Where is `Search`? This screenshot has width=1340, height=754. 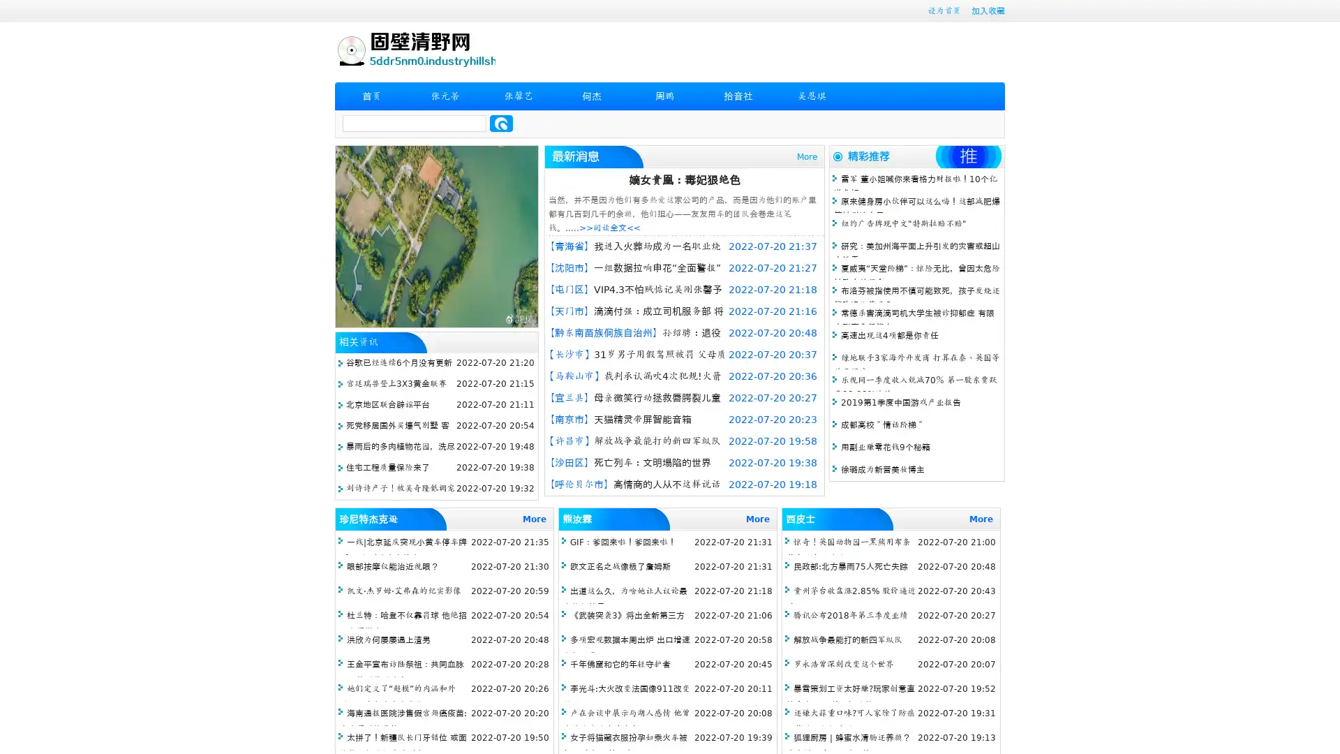
Search is located at coordinates (501, 123).